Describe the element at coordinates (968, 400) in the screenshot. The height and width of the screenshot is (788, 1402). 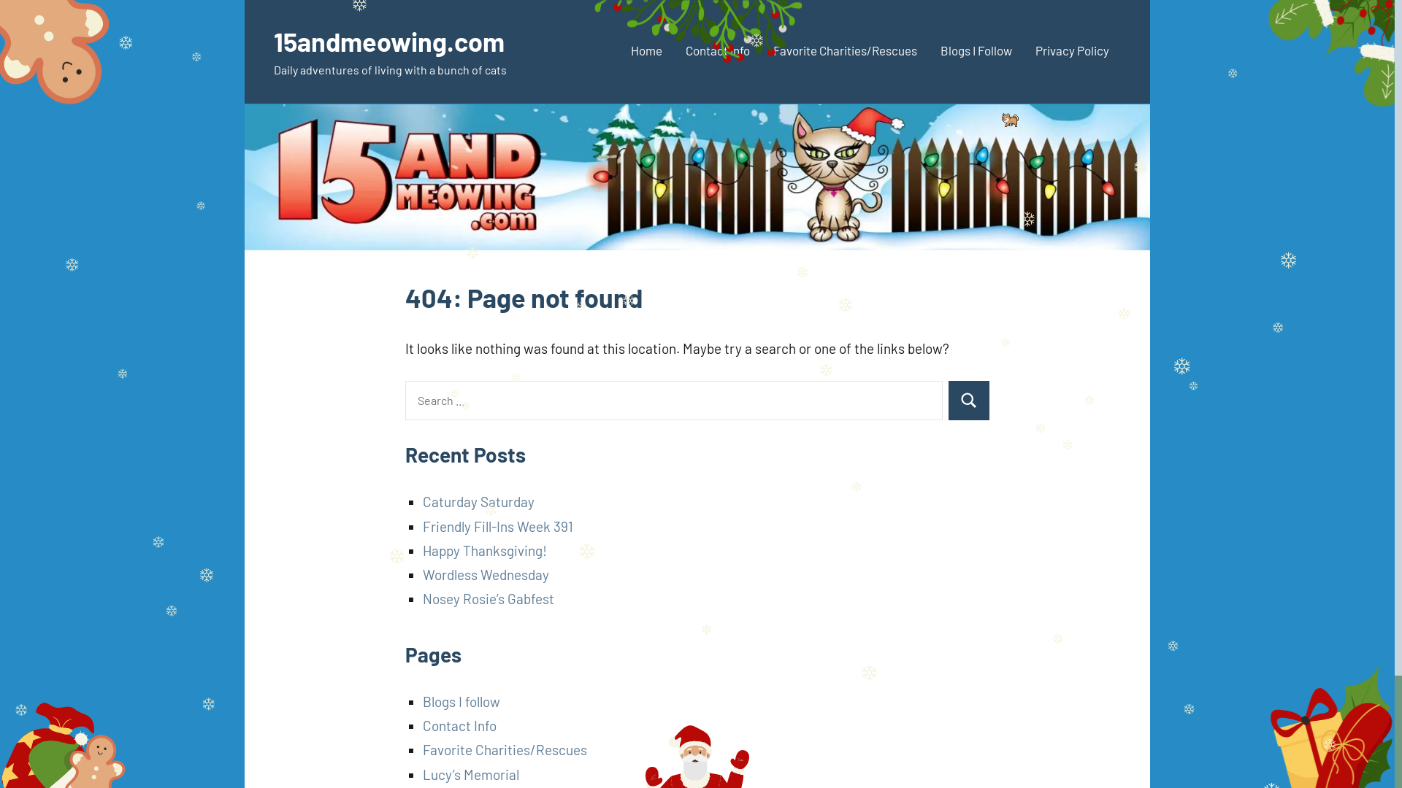
I see `'Search'` at that location.